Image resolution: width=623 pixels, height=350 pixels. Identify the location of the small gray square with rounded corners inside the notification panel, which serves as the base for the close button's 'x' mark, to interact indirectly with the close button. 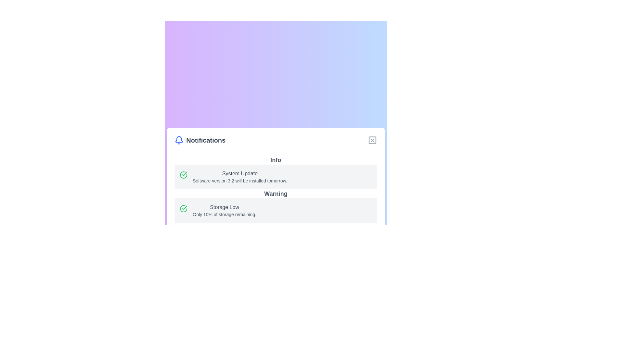
(372, 140).